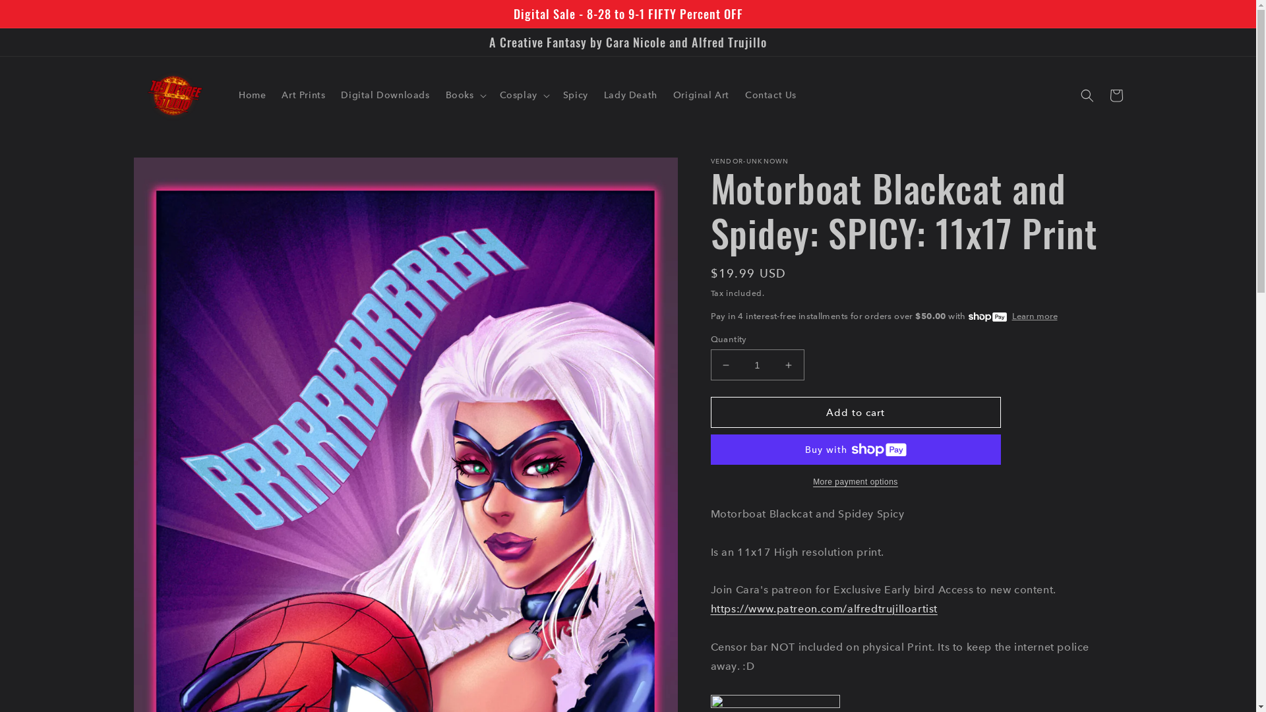 Image resolution: width=1266 pixels, height=712 pixels. I want to click on 'Skip to product information', so click(173, 171).